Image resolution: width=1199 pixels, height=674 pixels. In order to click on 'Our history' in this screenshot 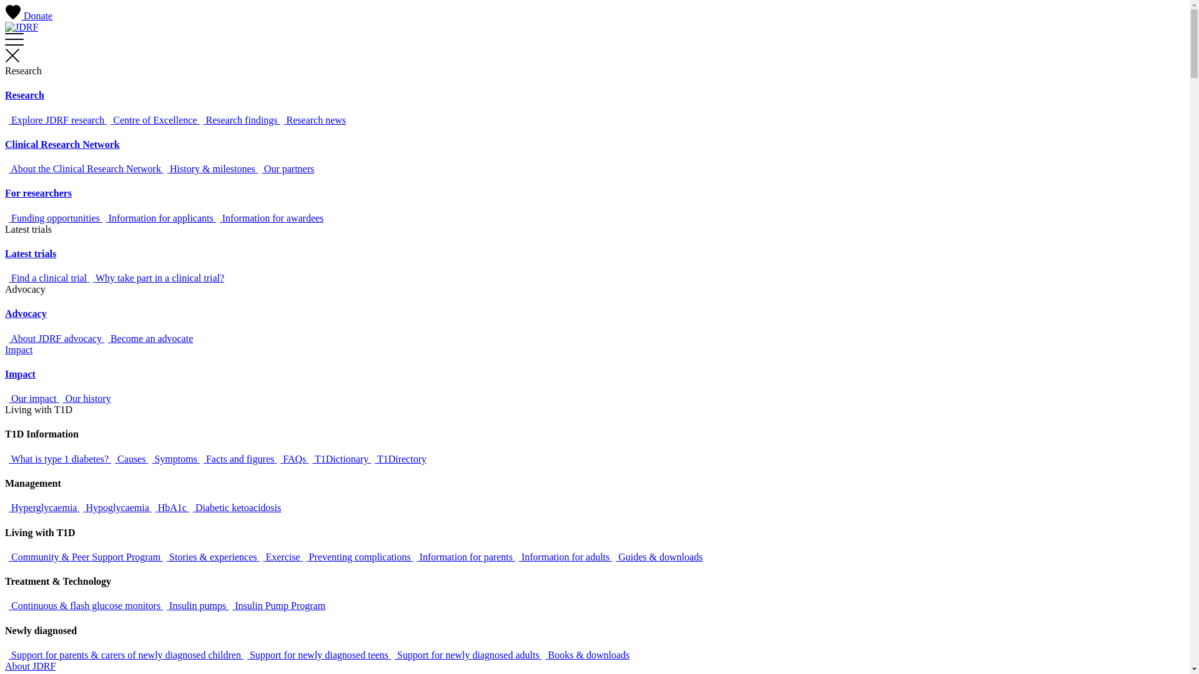, I will do `click(84, 398)`.